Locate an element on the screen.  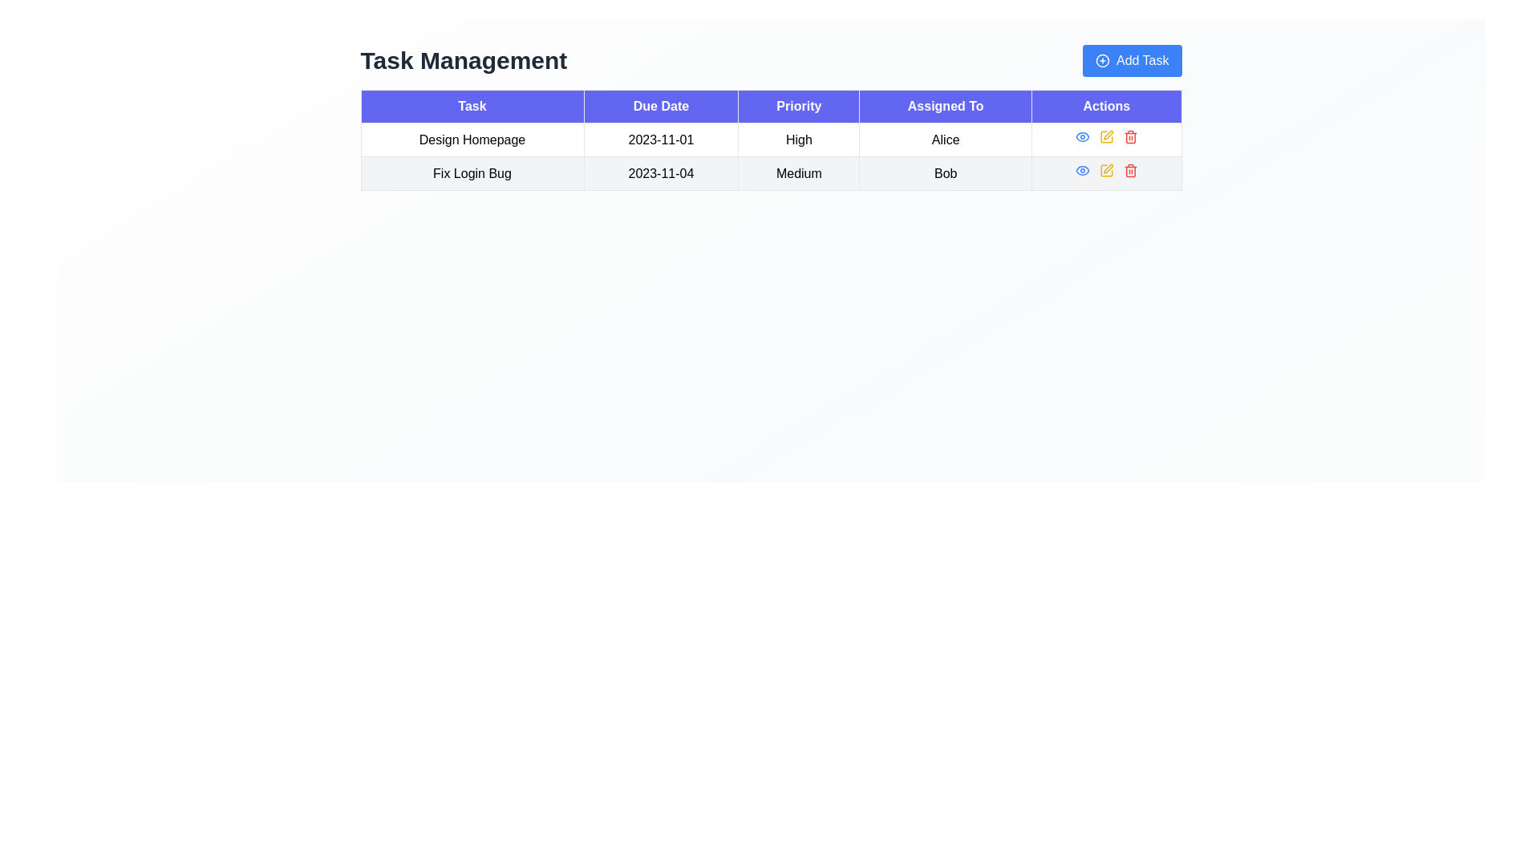
the text label indicating the due date for the task 'Fix Login Bug' in the second row of the 'Due Date' column is located at coordinates (661, 173).